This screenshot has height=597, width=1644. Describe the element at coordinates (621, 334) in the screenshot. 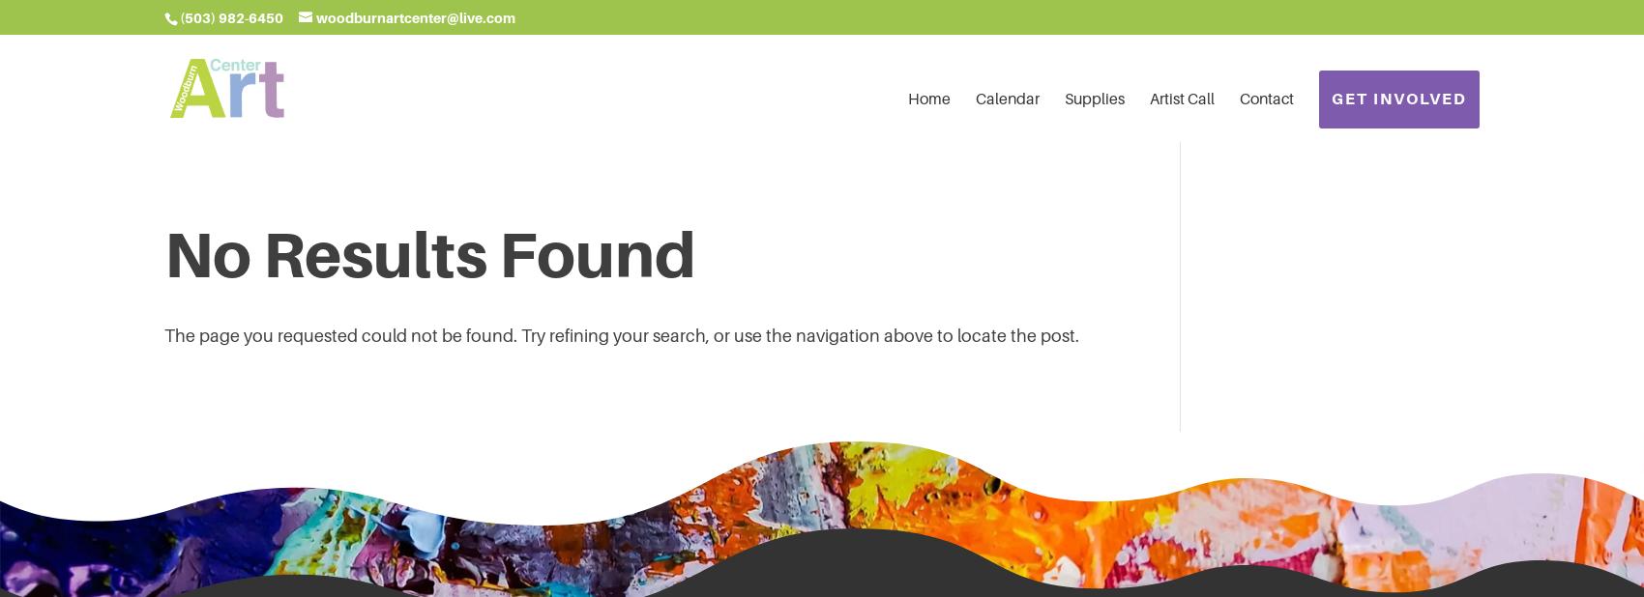

I see `'The page you requested could not be found. Try refining your search, or use the navigation above to locate the post.'` at that location.